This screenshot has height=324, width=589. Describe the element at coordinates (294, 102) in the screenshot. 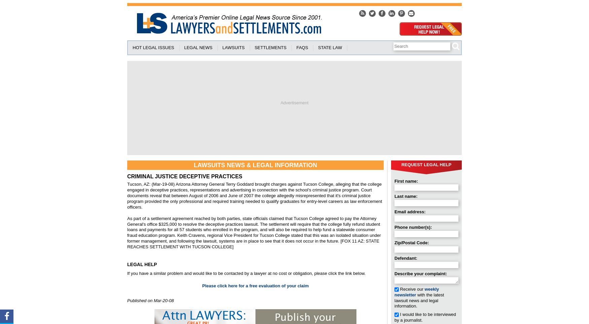

I see `'Advertisement'` at that location.